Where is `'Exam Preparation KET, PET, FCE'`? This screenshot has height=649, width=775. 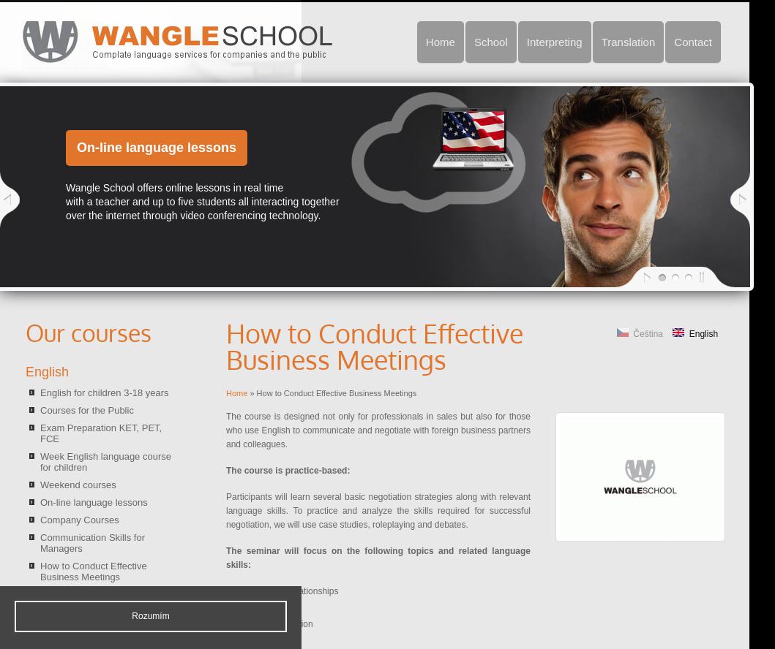 'Exam Preparation KET, PET, FCE' is located at coordinates (40, 433).